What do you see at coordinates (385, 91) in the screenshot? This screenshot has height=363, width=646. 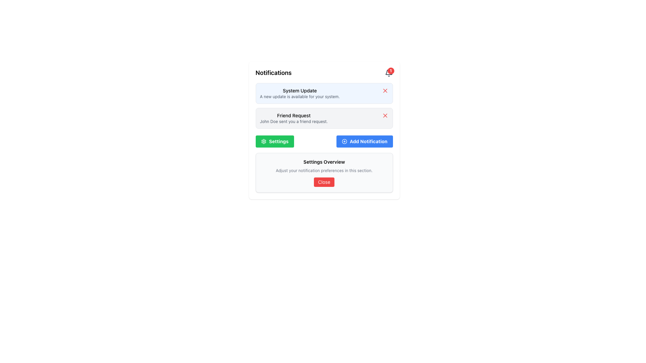 I see `the small red button with an 'X' icon located in the top-right corner of the 'System Update' notification card` at bounding box center [385, 91].